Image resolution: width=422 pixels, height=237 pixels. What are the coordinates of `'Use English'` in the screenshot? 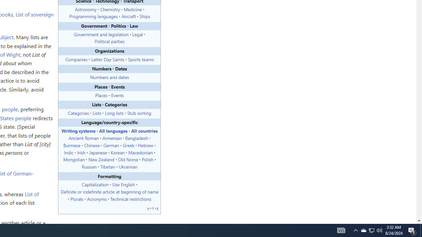 It's located at (124, 184).